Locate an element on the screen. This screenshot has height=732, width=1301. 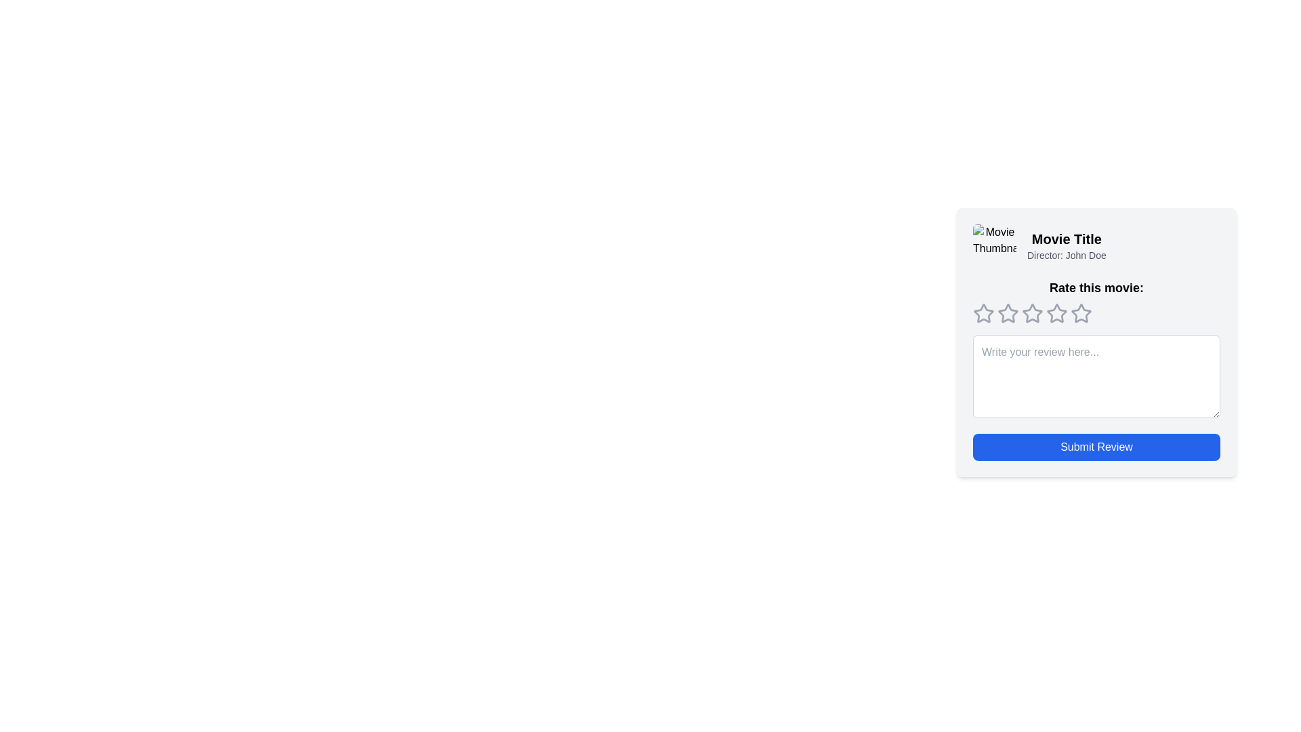
the second star in the row of five stars under the 'Rate this movie:' heading is located at coordinates (1008, 313).